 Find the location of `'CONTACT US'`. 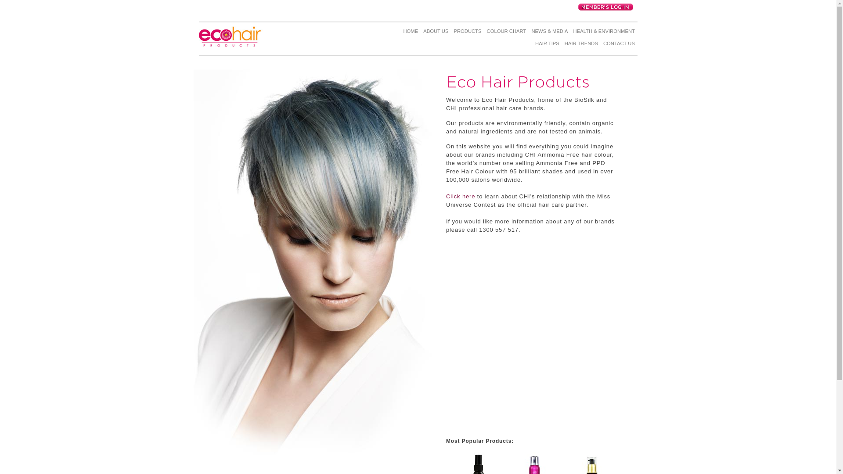

'CONTACT US' is located at coordinates (619, 45).